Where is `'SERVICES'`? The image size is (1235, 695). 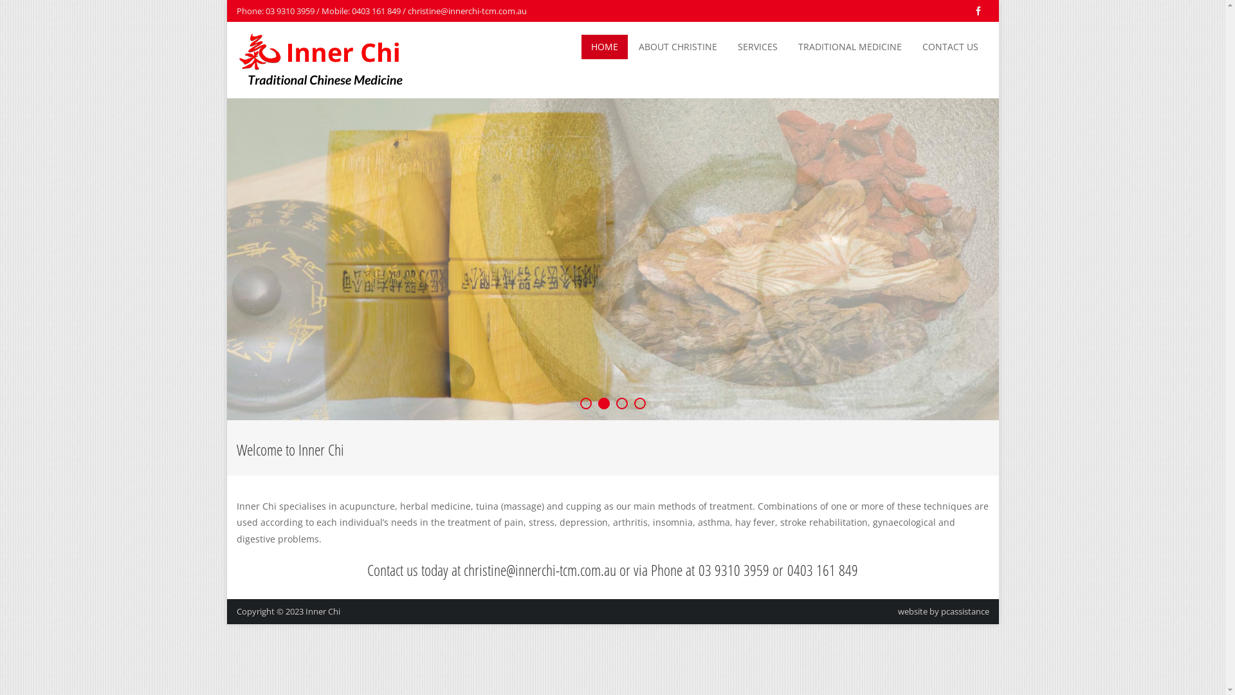
'SERVICES' is located at coordinates (757, 46).